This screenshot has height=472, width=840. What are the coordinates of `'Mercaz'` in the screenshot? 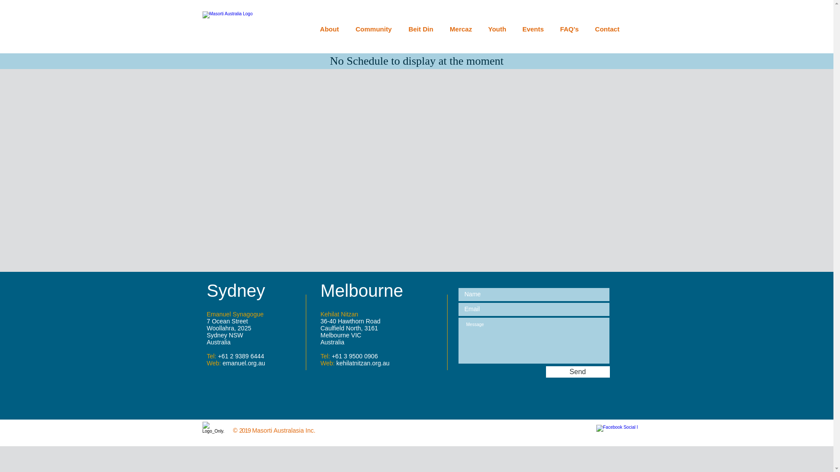 It's located at (441, 28).